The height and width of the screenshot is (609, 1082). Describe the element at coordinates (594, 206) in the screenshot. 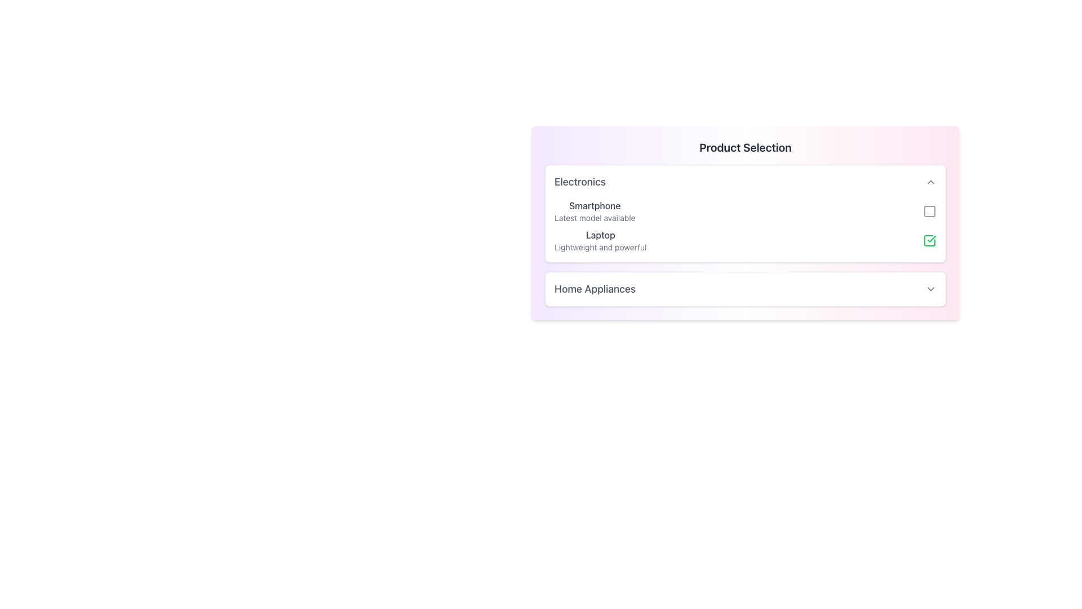

I see `the text label displaying 'Smartphone' in medium gray font, positioned at the top of the 'Electronics' category section` at that location.